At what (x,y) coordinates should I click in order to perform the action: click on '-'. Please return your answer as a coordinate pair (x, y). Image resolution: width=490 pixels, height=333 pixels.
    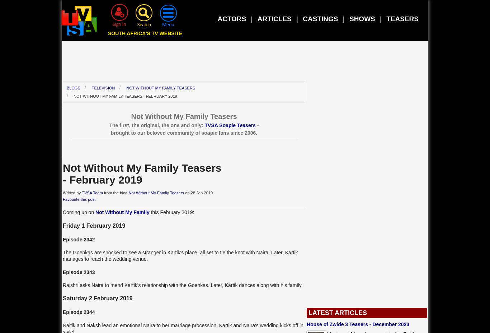
    Looking at the image, I should click on (257, 124).